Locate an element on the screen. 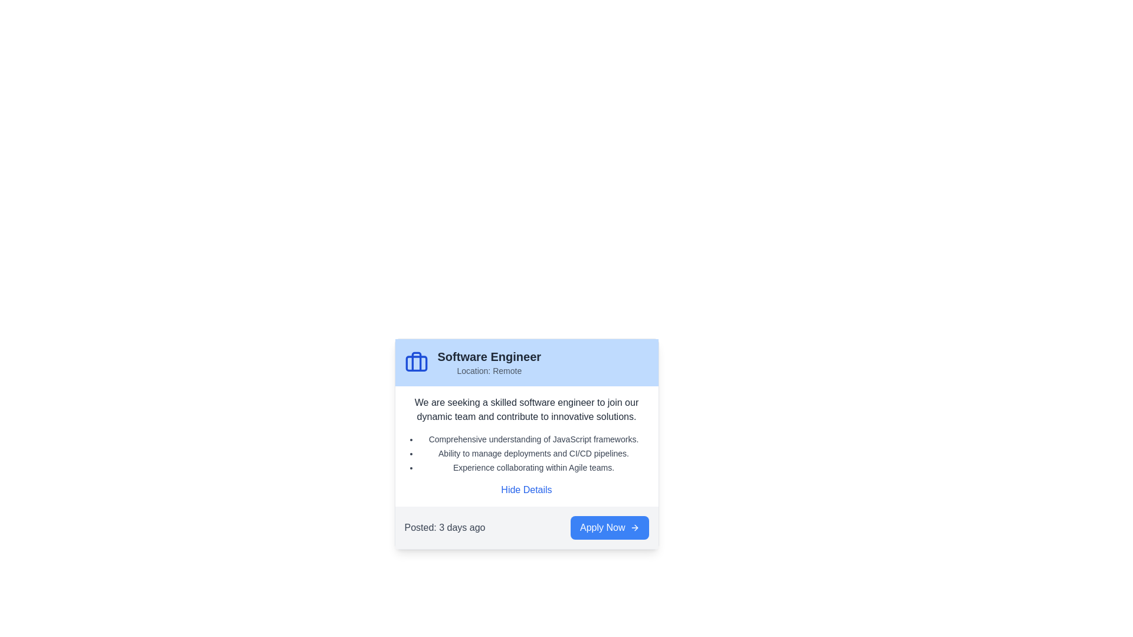  the blue rounded rectangular 'Apply Now' button that contains the arrow icon for forward navigation in the job listing card is located at coordinates (634, 527).